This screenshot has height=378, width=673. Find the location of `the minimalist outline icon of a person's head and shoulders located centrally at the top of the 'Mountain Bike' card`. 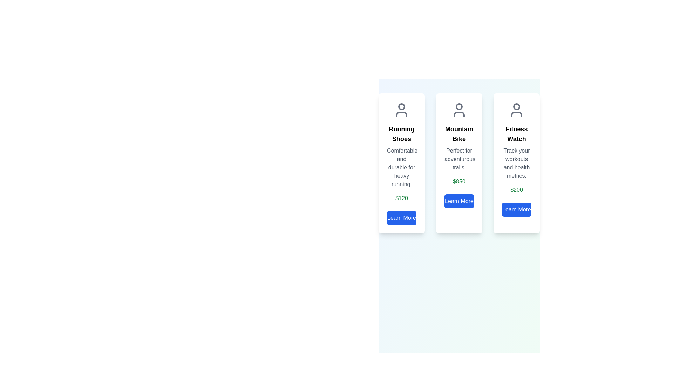

the minimalist outline icon of a person's head and shoulders located centrally at the top of the 'Mountain Bike' card is located at coordinates (459, 110).